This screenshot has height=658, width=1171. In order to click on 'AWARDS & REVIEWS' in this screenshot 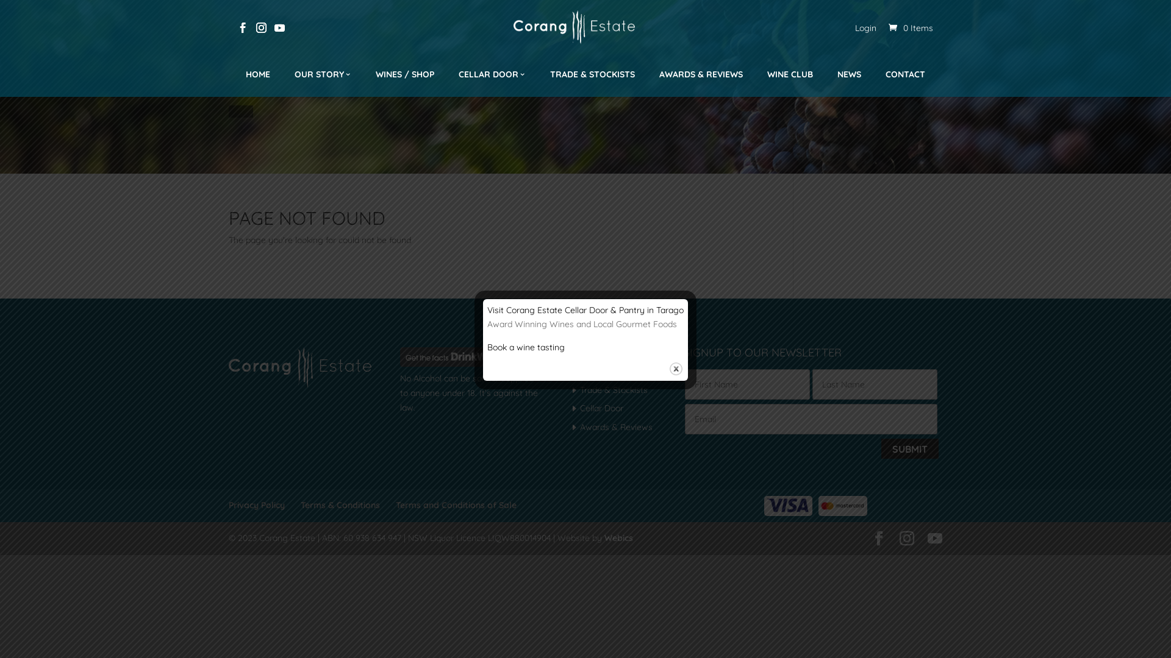, I will do `click(701, 74)`.